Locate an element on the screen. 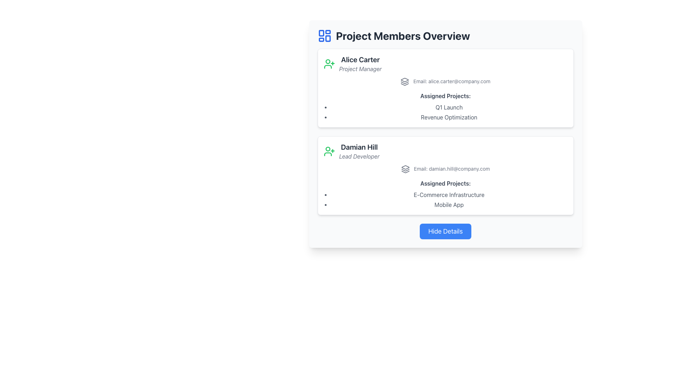 Image resolution: width=683 pixels, height=384 pixels. the Decorative icon component, which is a small rectangular shape with rounded corners located at the lower right of the SVG graphic representing a dashboard layout is located at coordinates (327, 38).